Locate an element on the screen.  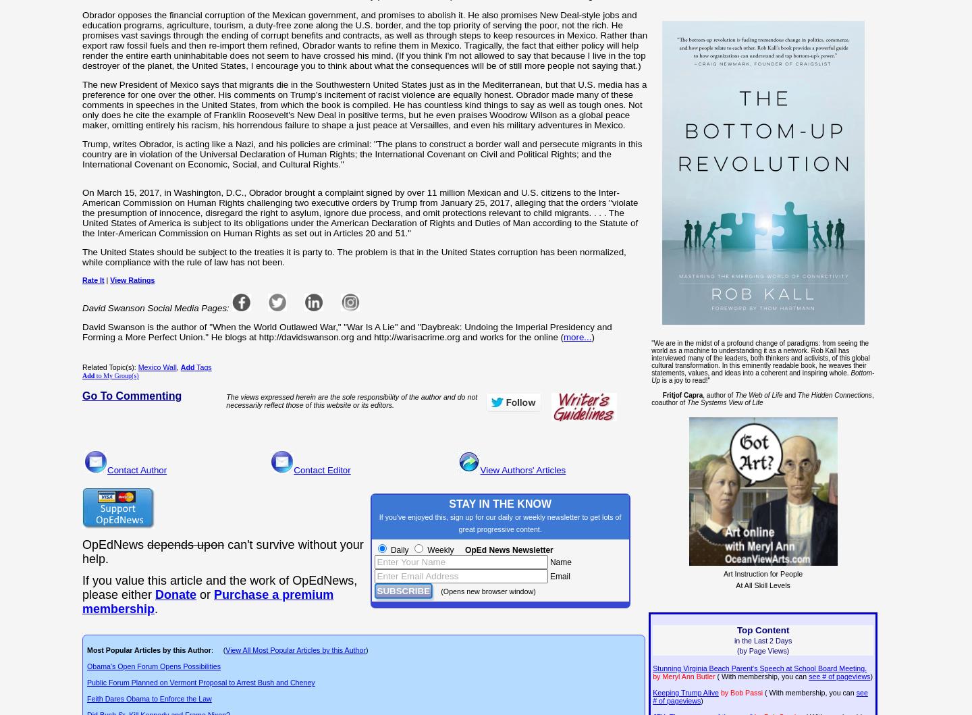
'On March 15, 2017, in Washington, D.C., Obrador brought a complaint signed by over 11 million Mexican and U.S. citizens to the Inter-American Commission on Human Rights challenging two executive orders by Trump from January 25, 2017, alleging that the orders "violate the presumption of innocence, disregard the right to asylum, ignore due process, and omit protections relevant to child migrants. . . . The United States of America is subject to its obligations under the American Declaration of Rights and Duties of Man according to the Statute of the Inter-American Commission on Human Rights as set out in Articles 20 and 51."' is located at coordinates (359, 212).